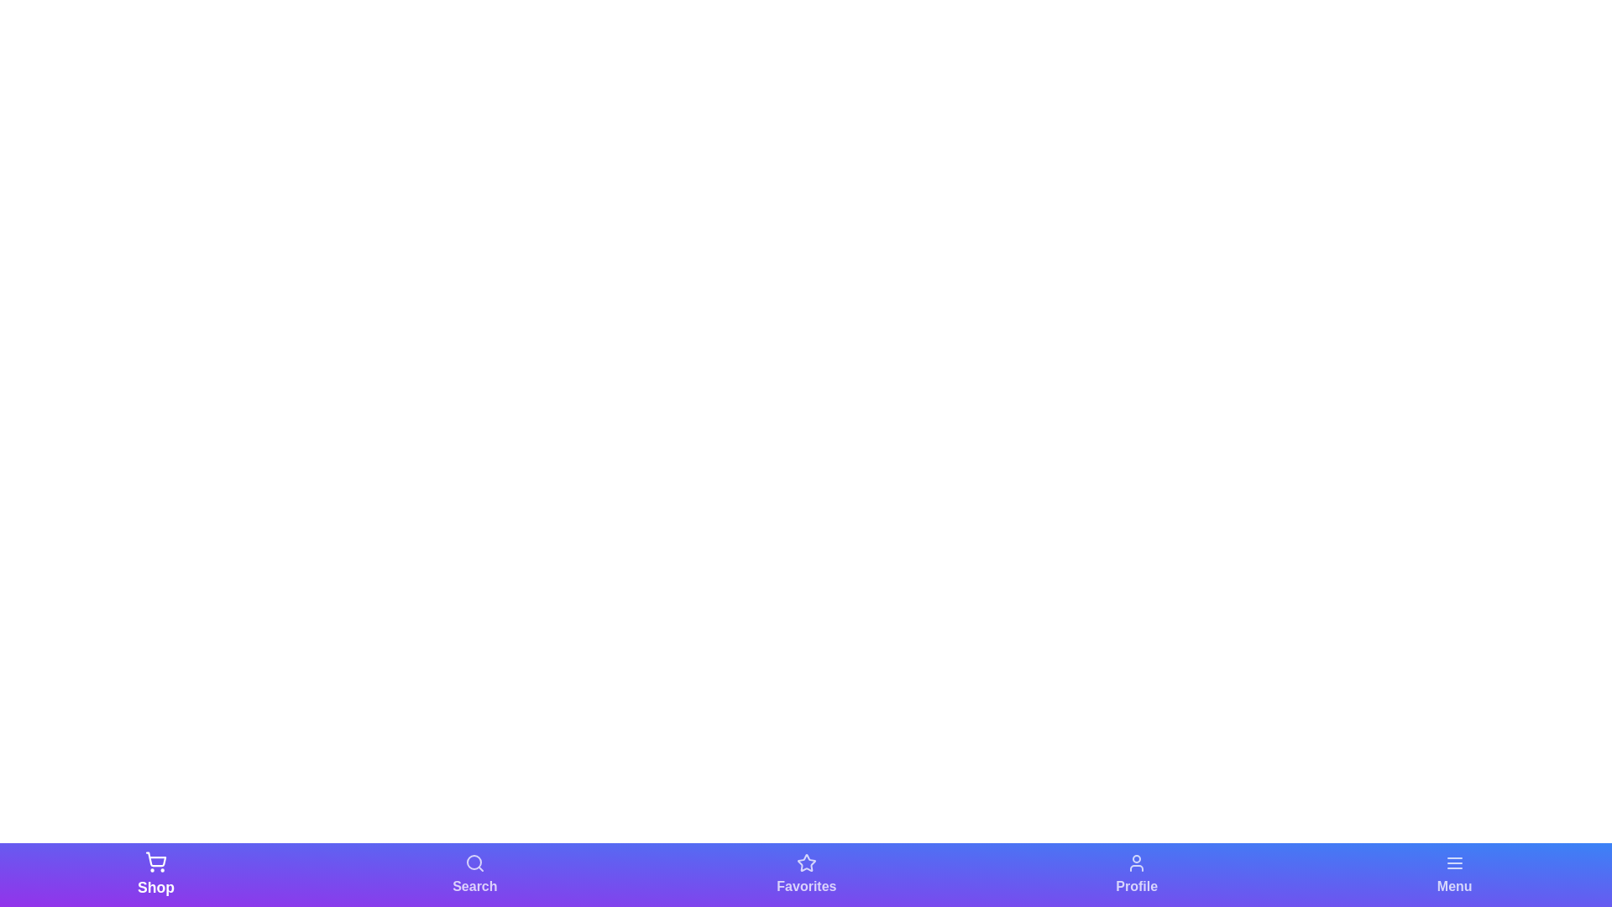 Image resolution: width=1612 pixels, height=907 pixels. I want to click on the navigation bar icon corresponding to Shop, so click(156, 873).